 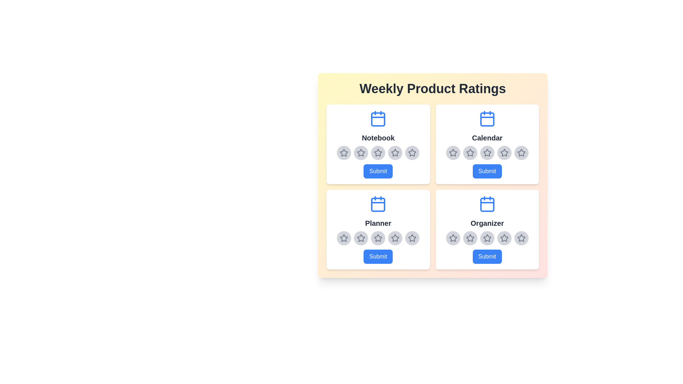 I want to click on submit button for the product Calendar, so click(x=487, y=171).